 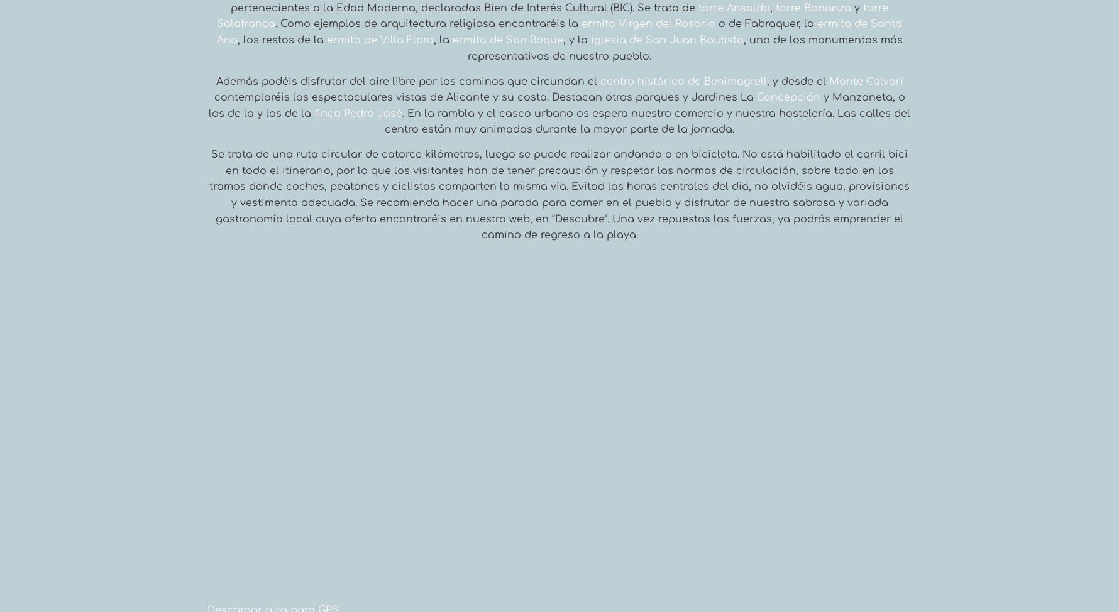 What do you see at coordinates (427, 23) in the screenshot?
I see `'. Como ejemplos de arquitectura religiosa encontraréis la'` at bounding box center [427, 23].